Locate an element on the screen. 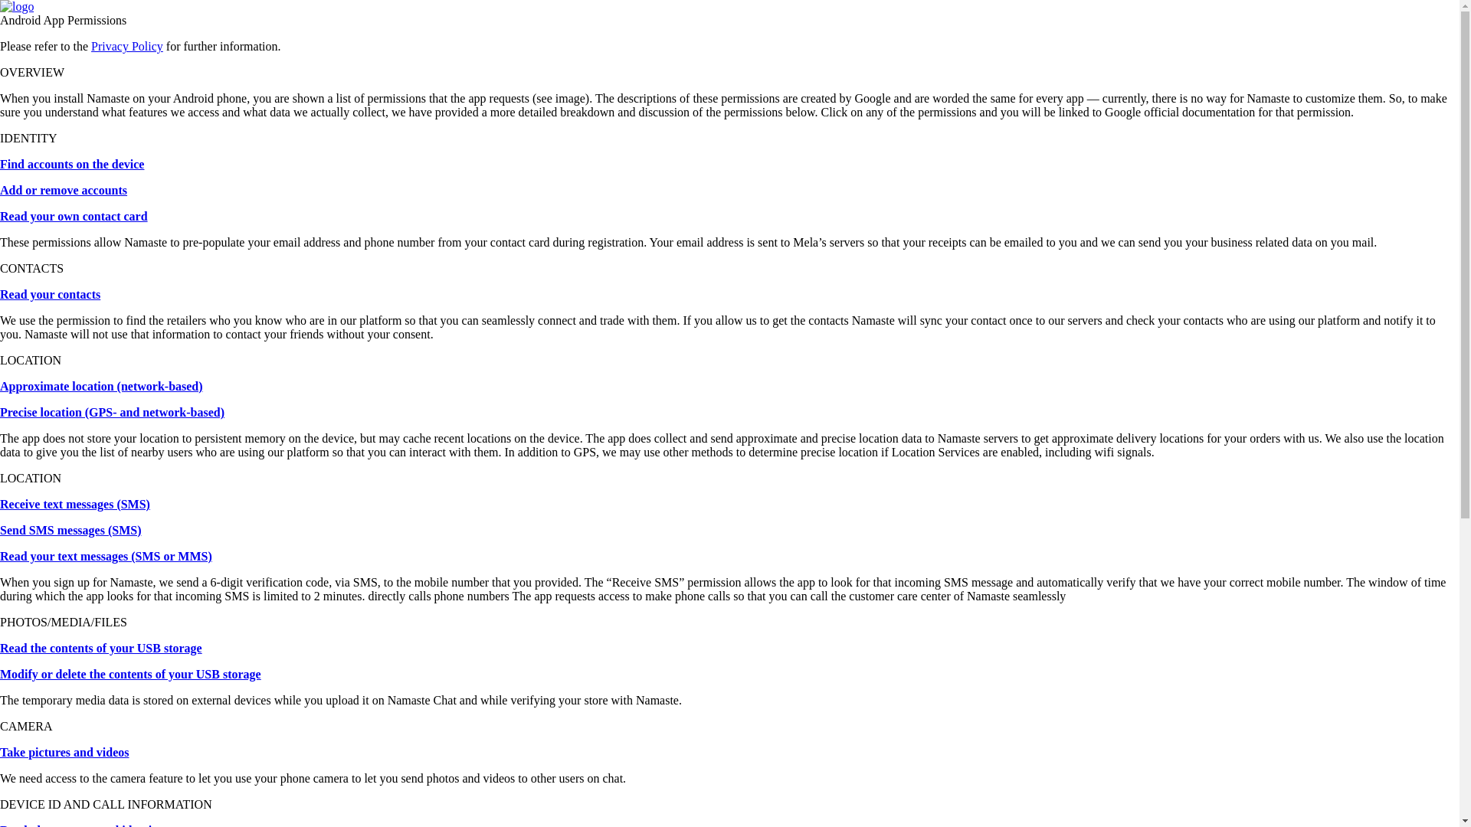 This screenshot has height=827, width=1471. 'Read your own contact card' is located at coordinates (73, 216).